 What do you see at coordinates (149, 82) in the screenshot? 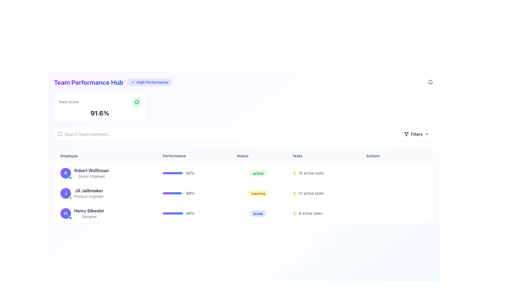
I see `the pill-shaped button with a light indigo background containing an upward arrow icon and the text 'High Performance', located to the right of 'Team Performance Hub'` at bounding box center [149, 82].